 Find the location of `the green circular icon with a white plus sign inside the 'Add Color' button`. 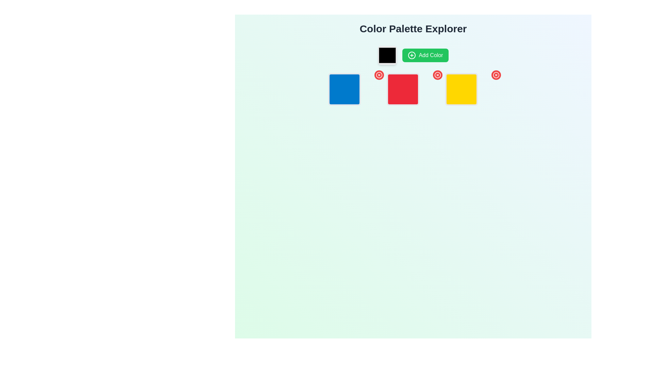

the green circular icon with a white plus sign inside the 'Add Color' button is located at coordinates (412, 55).